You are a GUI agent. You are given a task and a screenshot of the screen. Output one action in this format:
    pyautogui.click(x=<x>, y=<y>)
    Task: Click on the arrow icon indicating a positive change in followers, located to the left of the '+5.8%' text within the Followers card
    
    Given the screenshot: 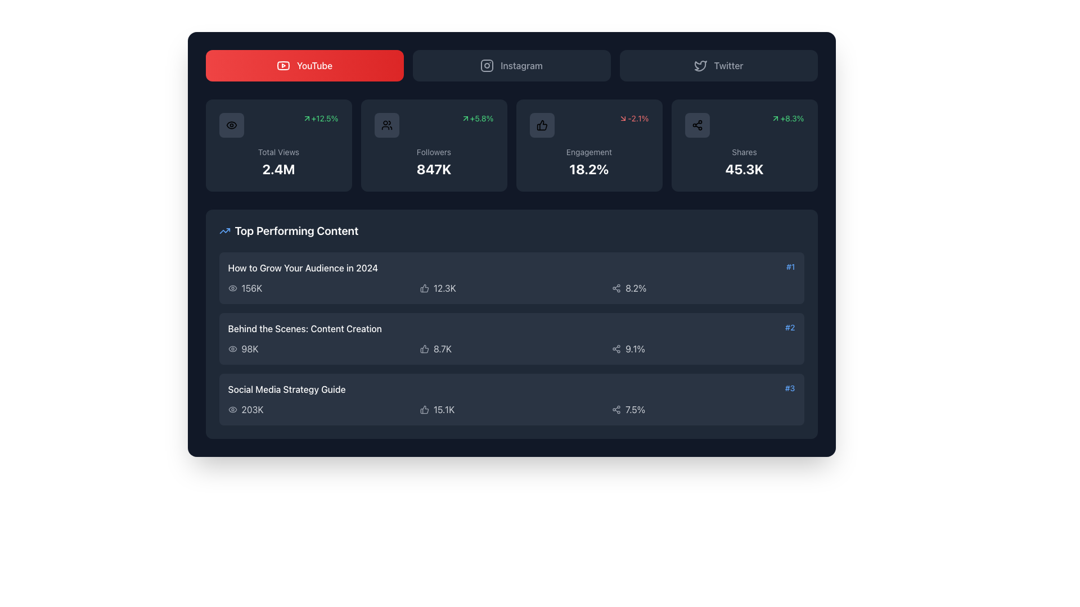 What is the action you would take?
    pyautogui.click(x=465, y=119)
    